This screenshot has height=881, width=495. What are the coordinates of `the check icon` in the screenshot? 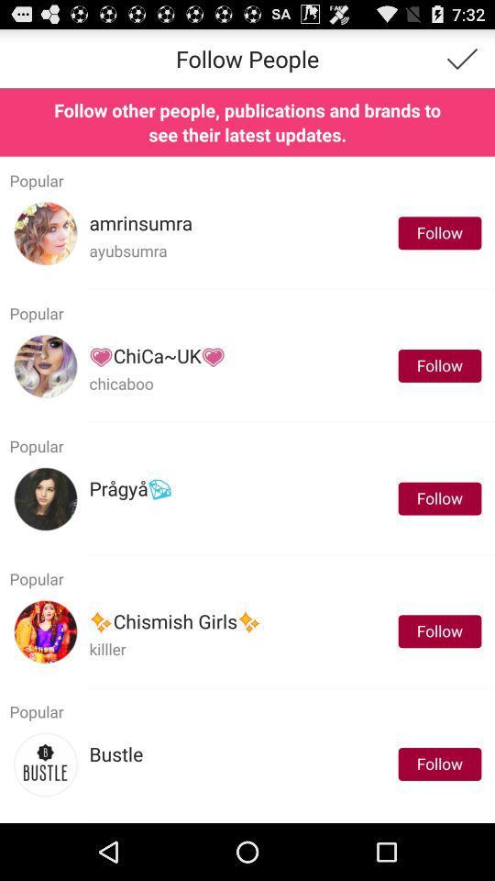 It's located at (461, 62).